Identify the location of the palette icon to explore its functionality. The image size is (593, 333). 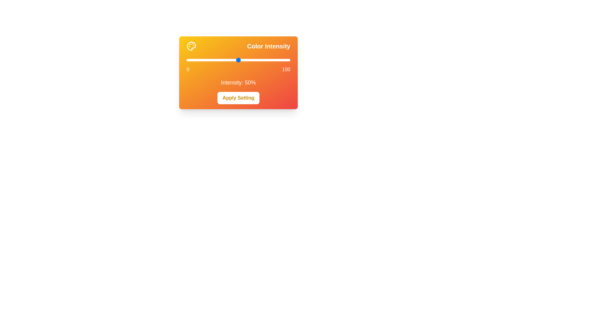
(191, 46).